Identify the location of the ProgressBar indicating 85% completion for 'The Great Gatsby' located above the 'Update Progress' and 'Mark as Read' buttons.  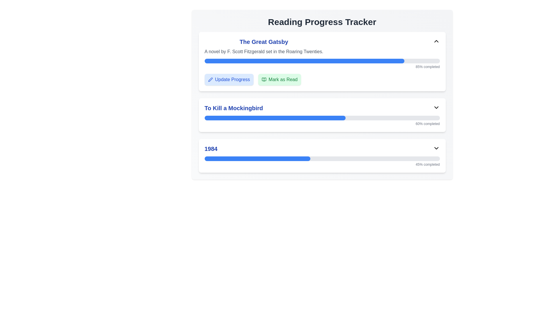
(322, 61).